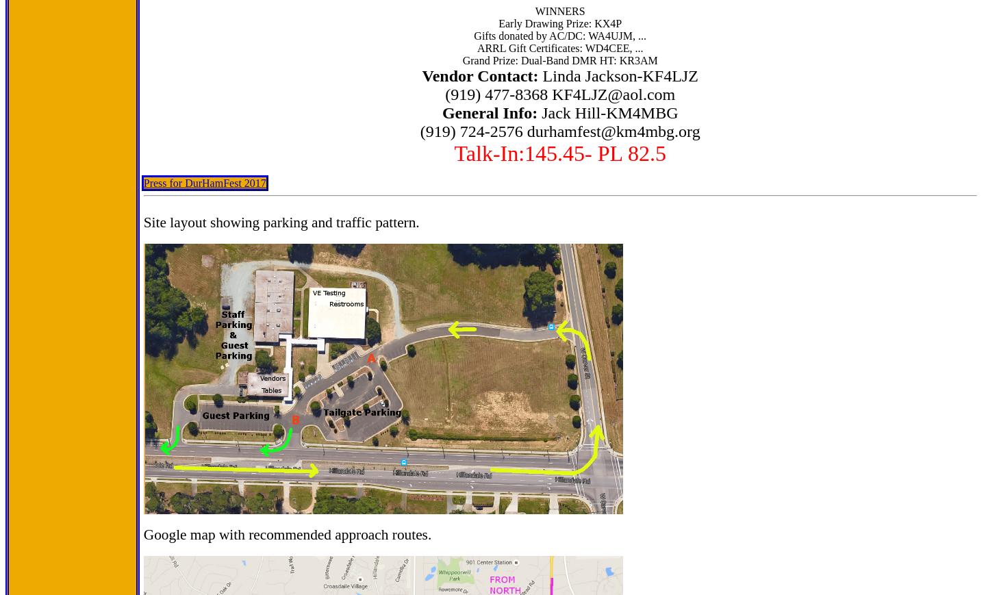 The width and height of the screenshot is (986, 595). What do you see at coordinates (560, 93) in the screenshot?
I see `'(919) 477-8368 KF4LJZ@aol.com'` at bounding box center [560, 93].